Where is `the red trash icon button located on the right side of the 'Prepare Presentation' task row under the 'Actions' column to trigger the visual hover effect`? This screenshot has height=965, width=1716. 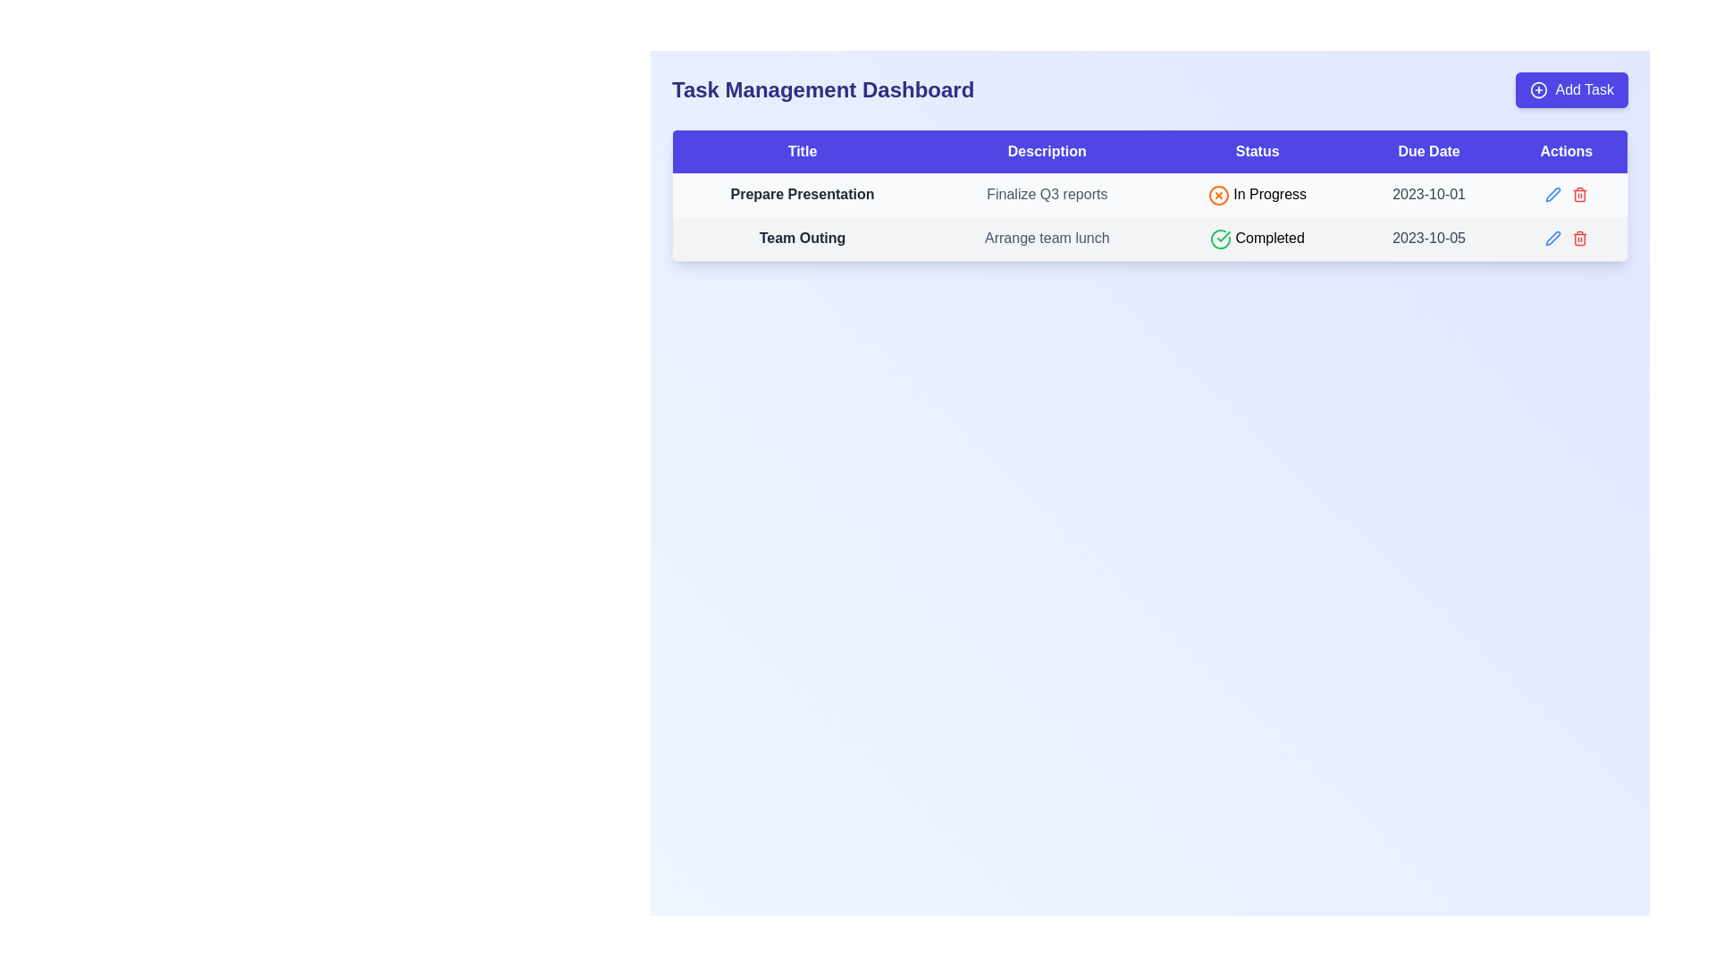 the red trash icon button located on the right side of the 'Prepare Presentation' task row under the 'Actions' column to trigger the visual hover effect is located at coordinates (1579, 238).